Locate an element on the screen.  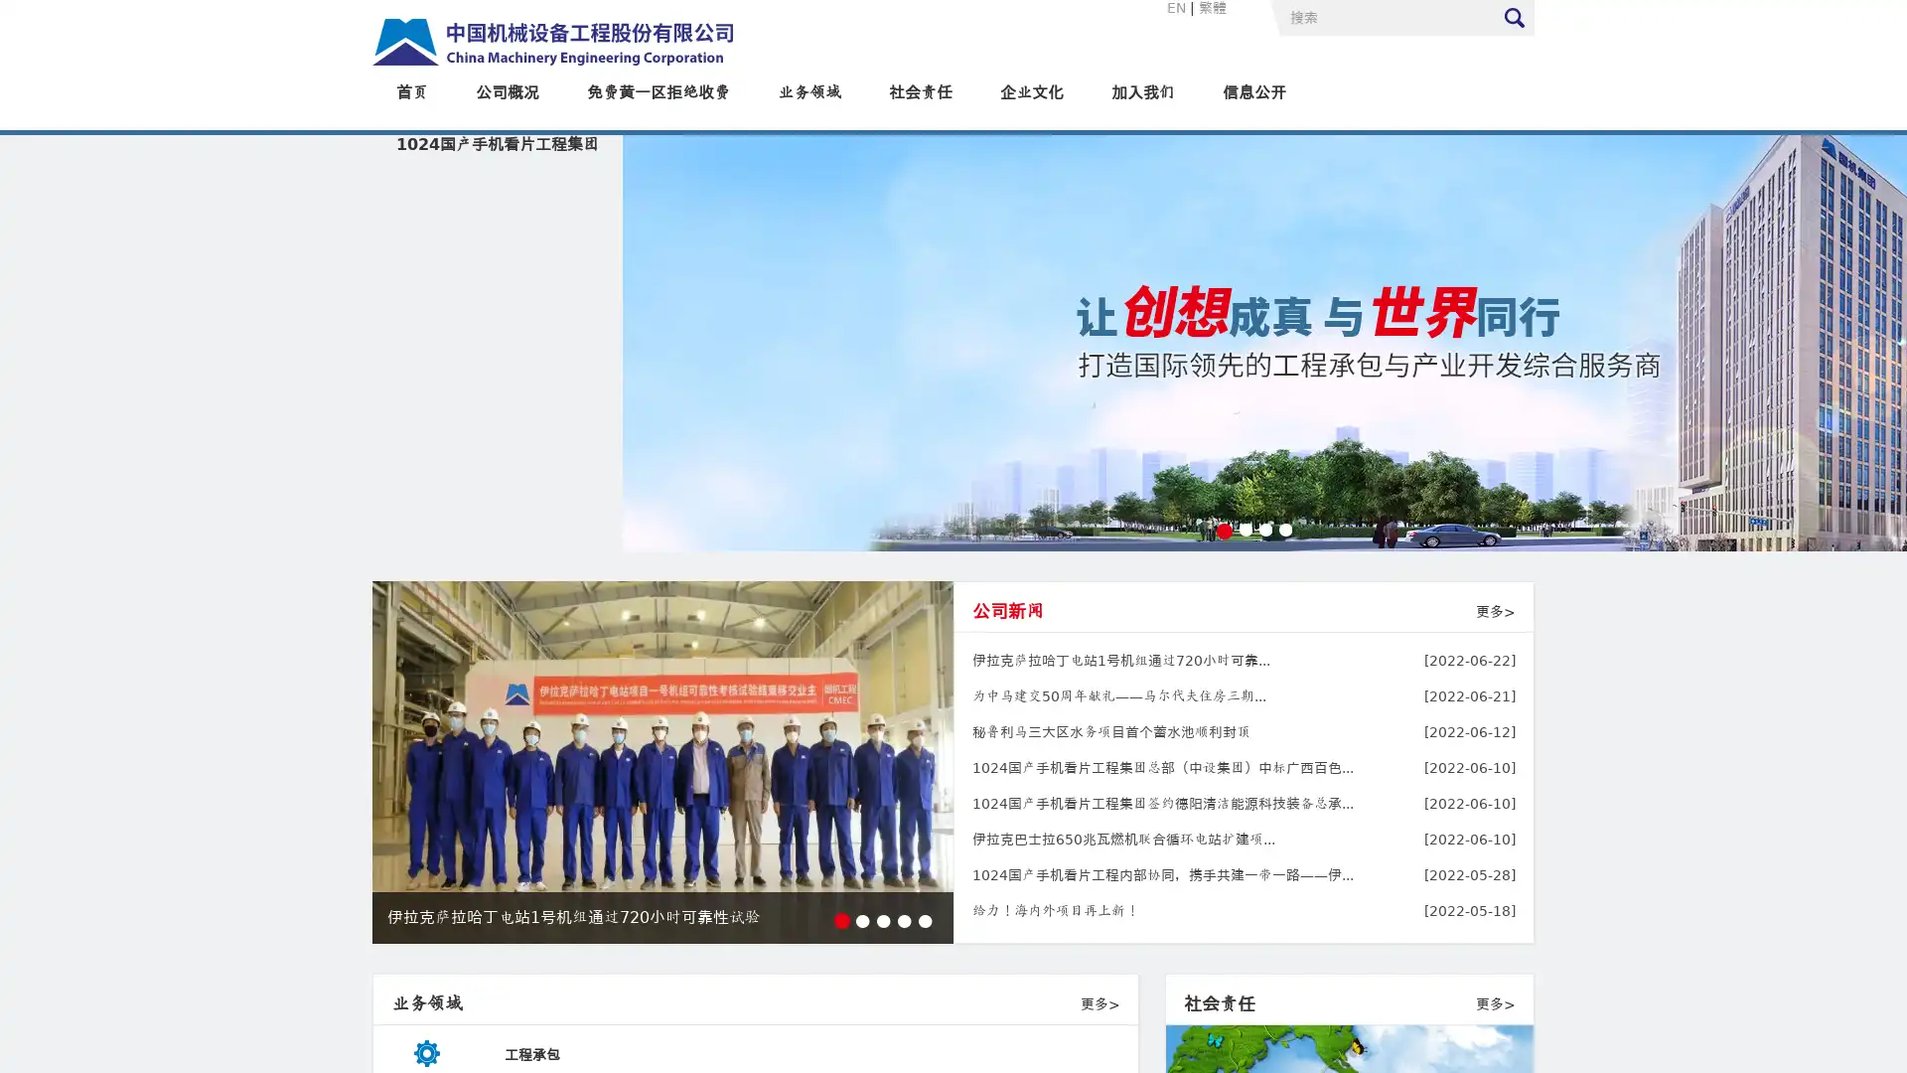
Submit is located at coordinates (1514, 18).